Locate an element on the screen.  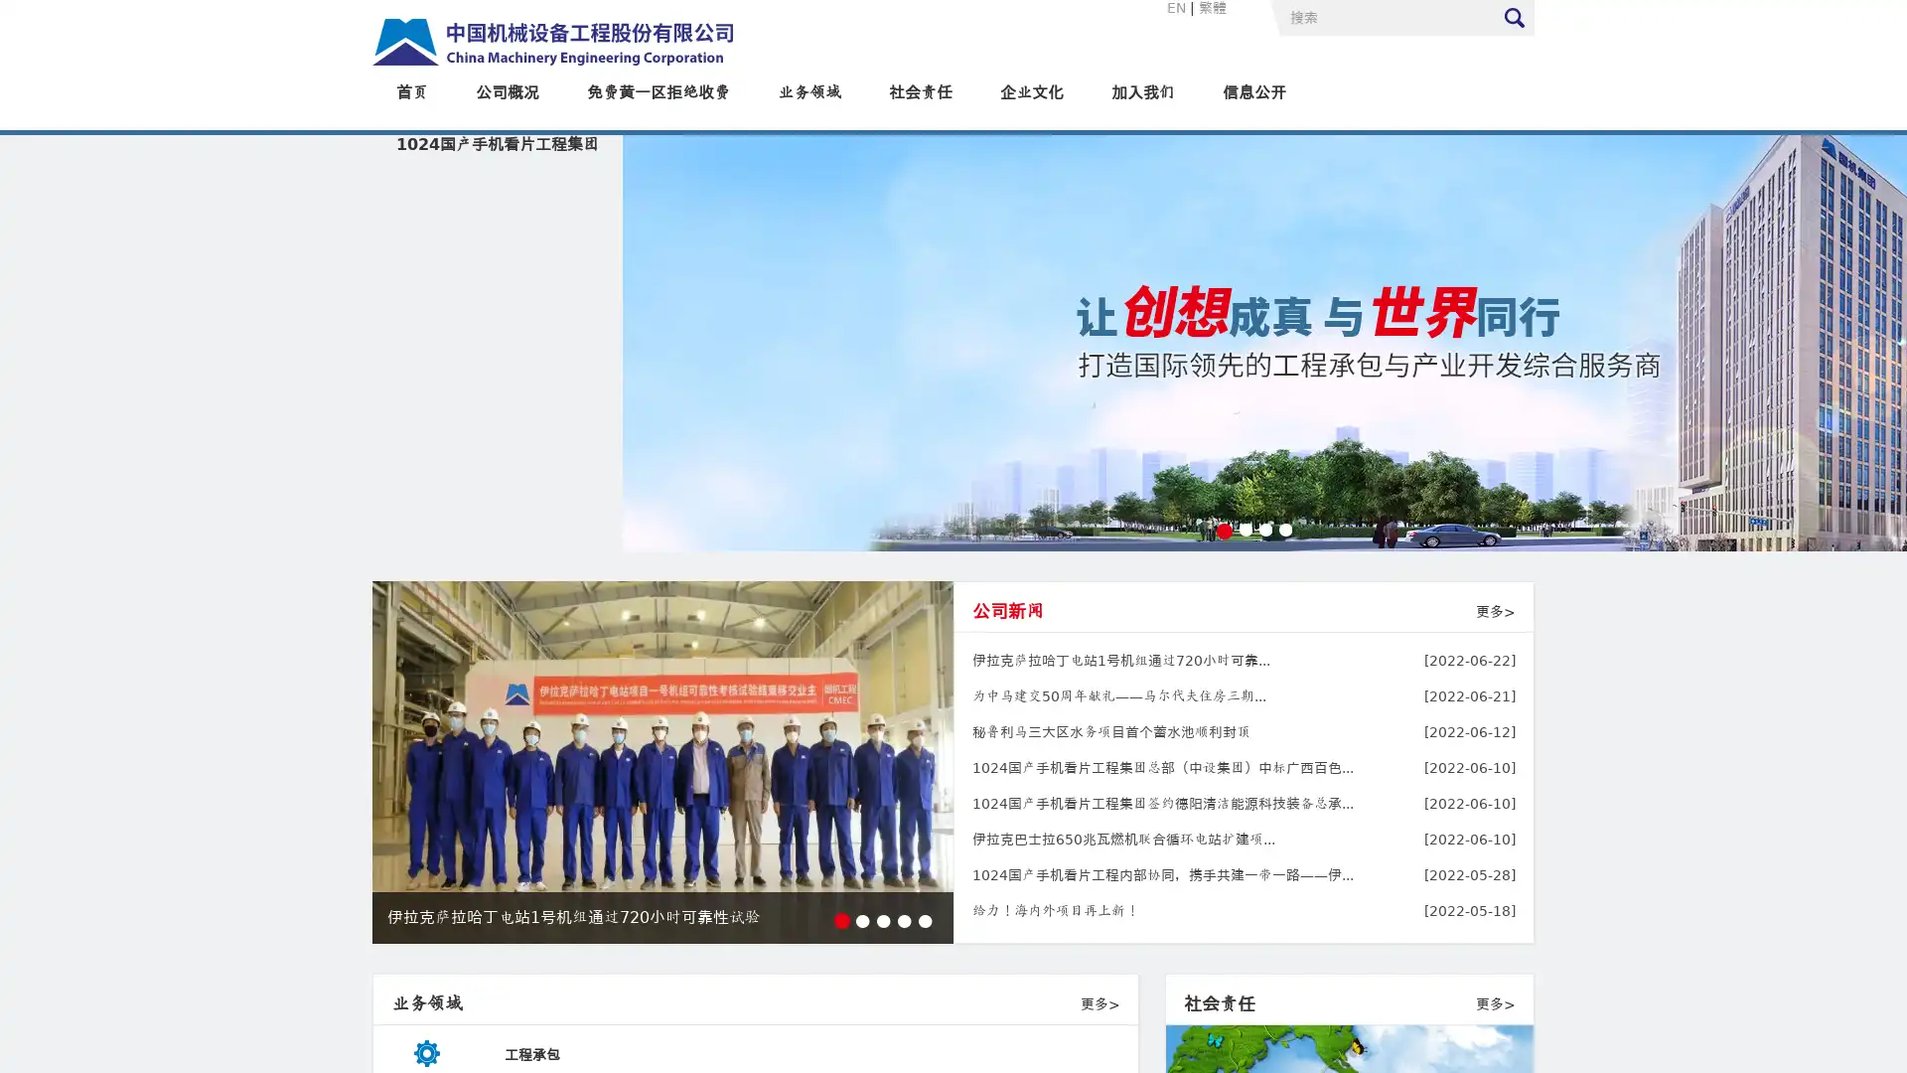
Submit is located at coordinates (1514, 18).